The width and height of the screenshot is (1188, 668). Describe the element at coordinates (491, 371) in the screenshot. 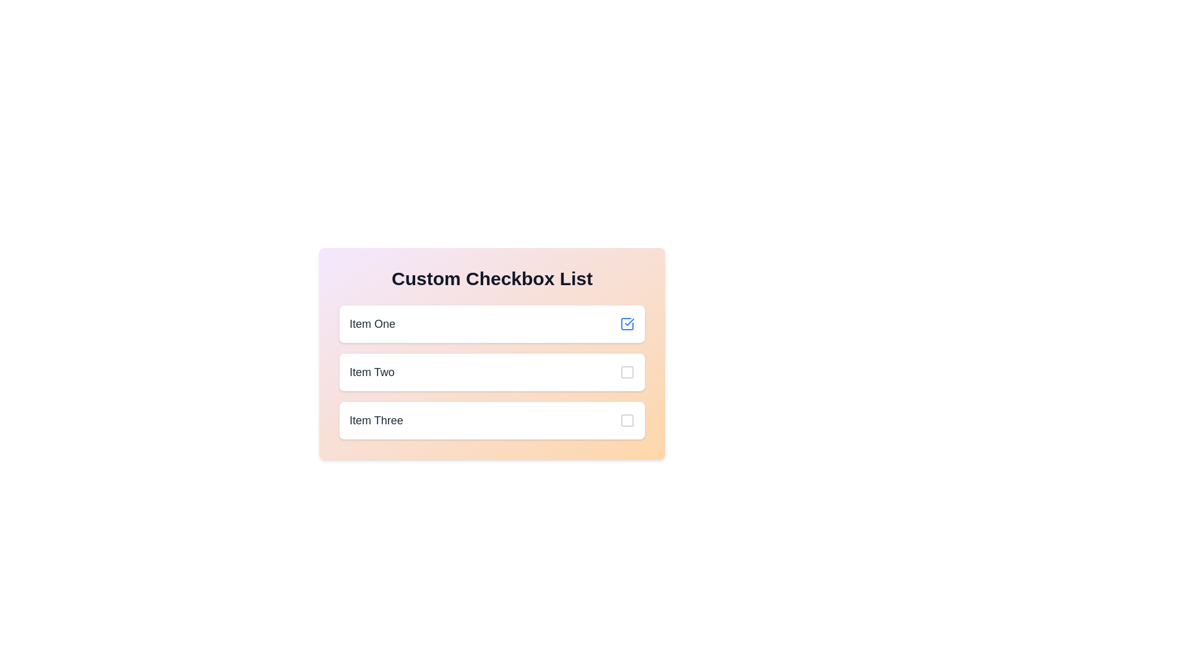

I see `the checkbox for Item Two` at that location.